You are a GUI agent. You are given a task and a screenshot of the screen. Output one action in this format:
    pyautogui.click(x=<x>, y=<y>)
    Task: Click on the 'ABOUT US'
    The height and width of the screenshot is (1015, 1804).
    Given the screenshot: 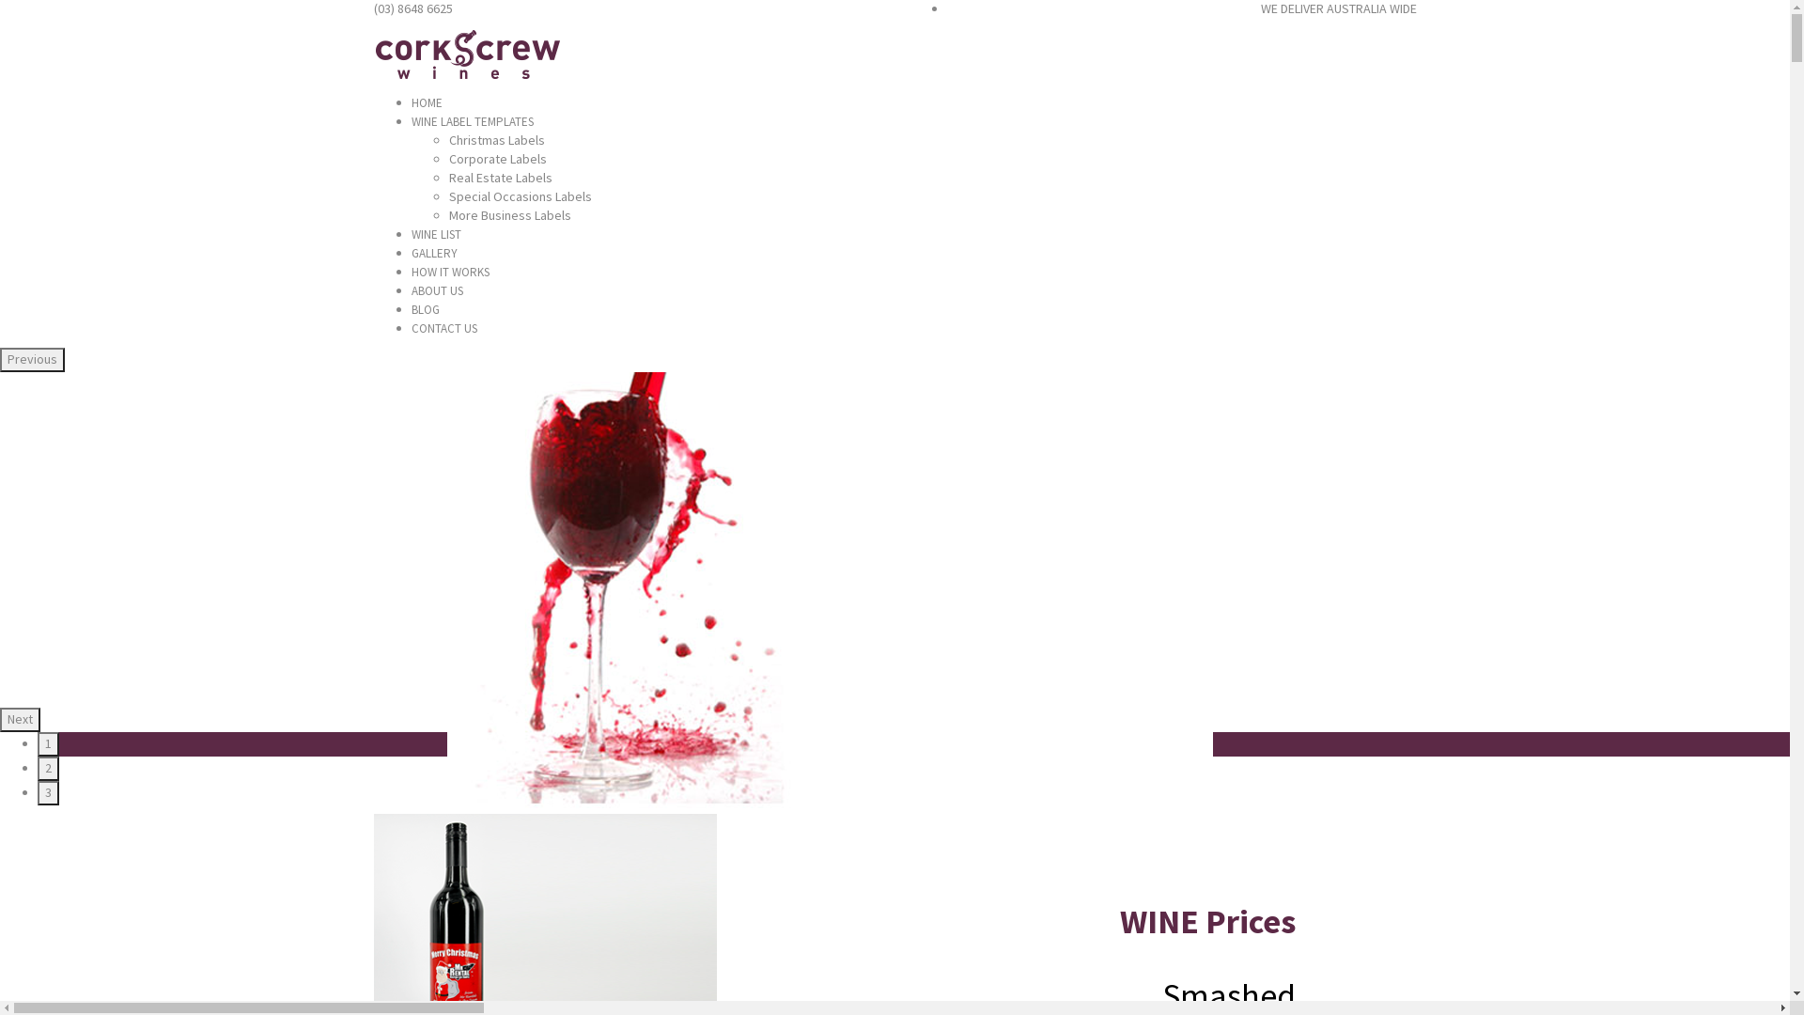 What is the action you would take?
    pyautogui.click(x=410, y=290)
    